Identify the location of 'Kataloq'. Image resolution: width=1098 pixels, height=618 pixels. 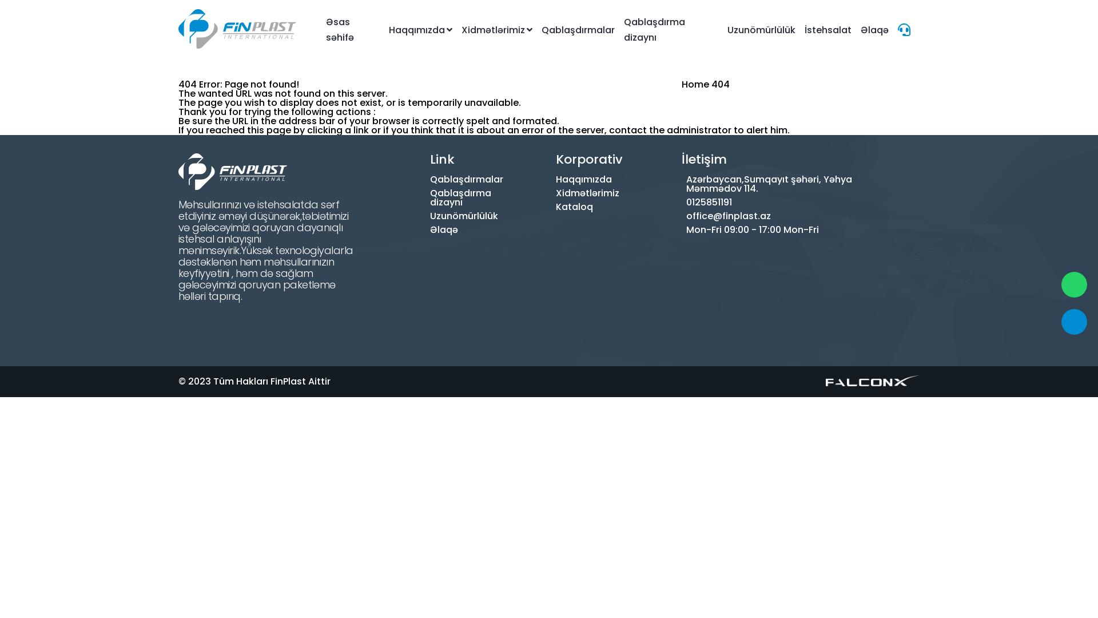
(565, 207).